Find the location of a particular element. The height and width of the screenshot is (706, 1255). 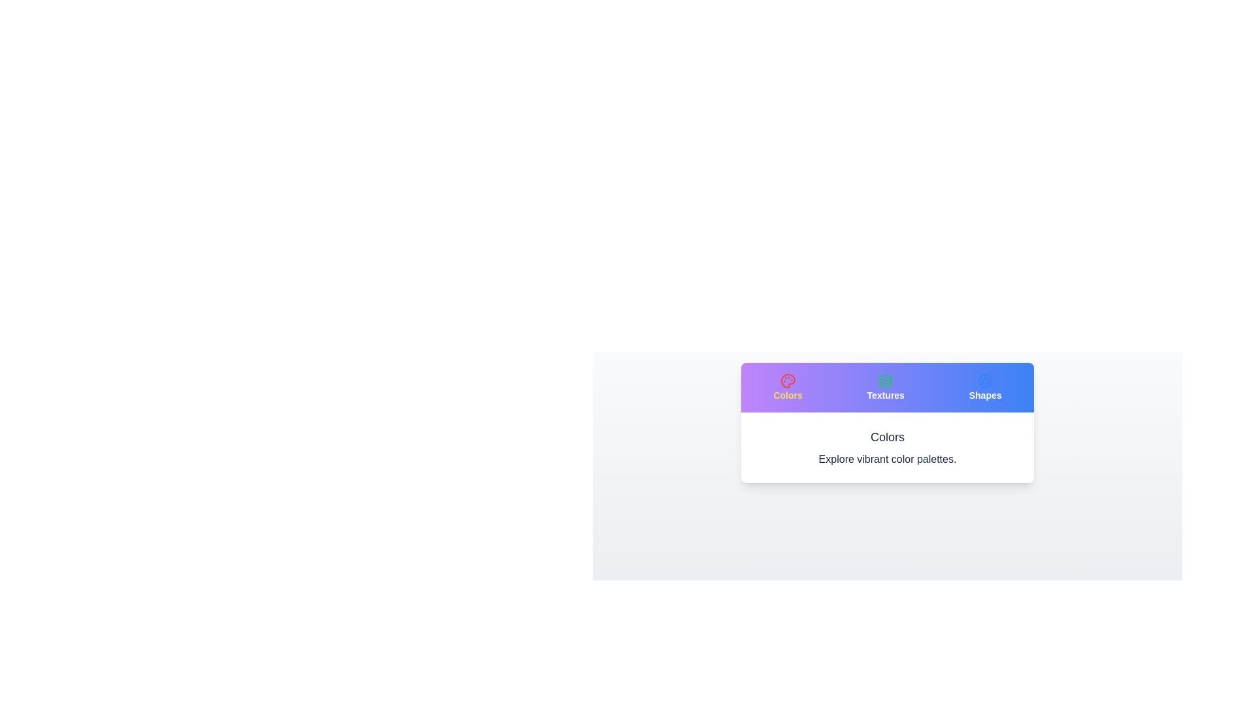

the tab button labeled 'Textures' is located at coordinates (886, 387).